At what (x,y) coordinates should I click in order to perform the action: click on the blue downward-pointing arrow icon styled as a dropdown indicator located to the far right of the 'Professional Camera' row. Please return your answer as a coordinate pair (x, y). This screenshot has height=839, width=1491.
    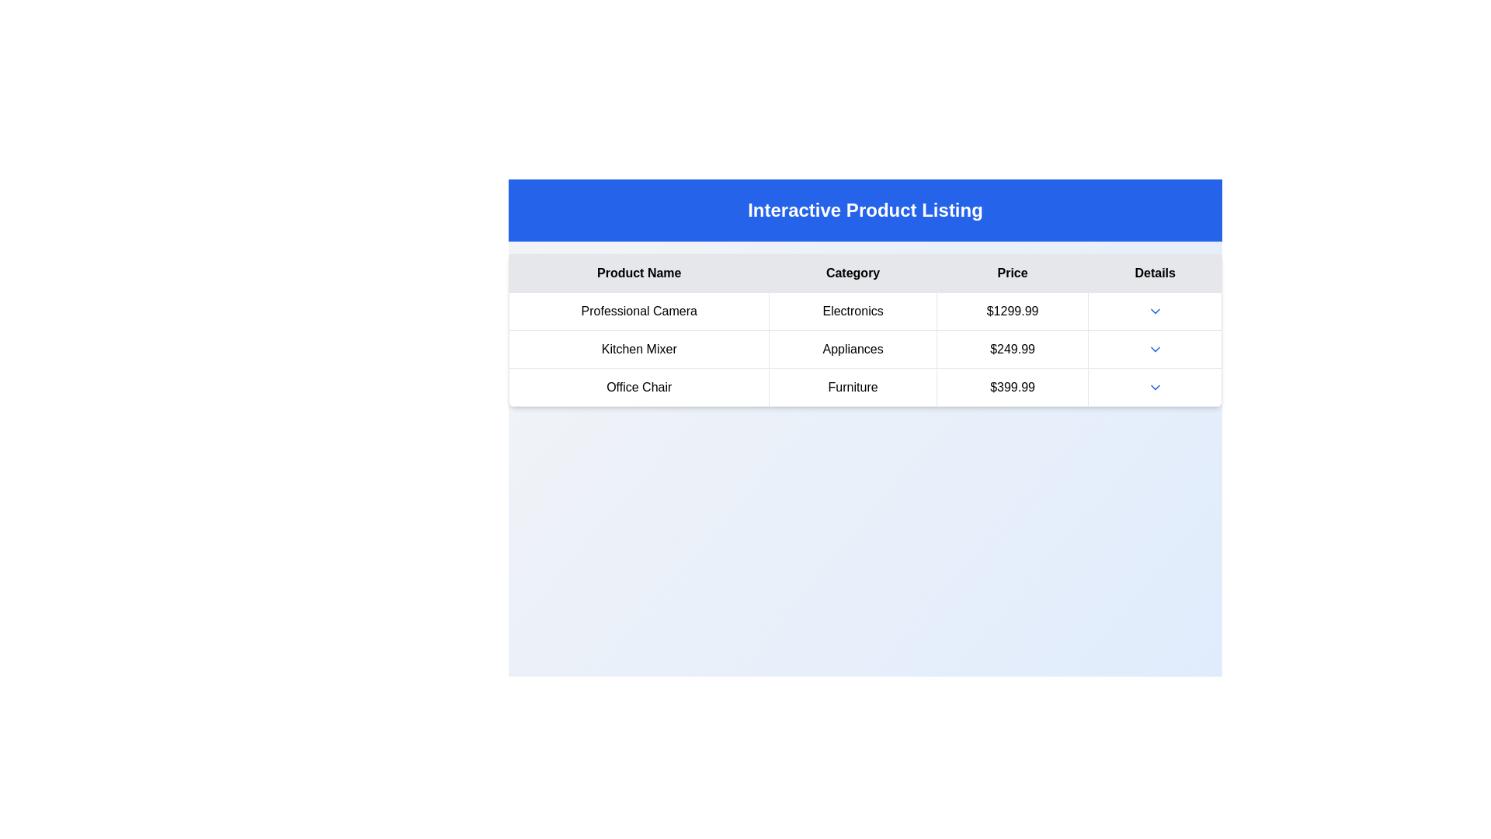
    Looking at the image, I should click on (1155, 312).